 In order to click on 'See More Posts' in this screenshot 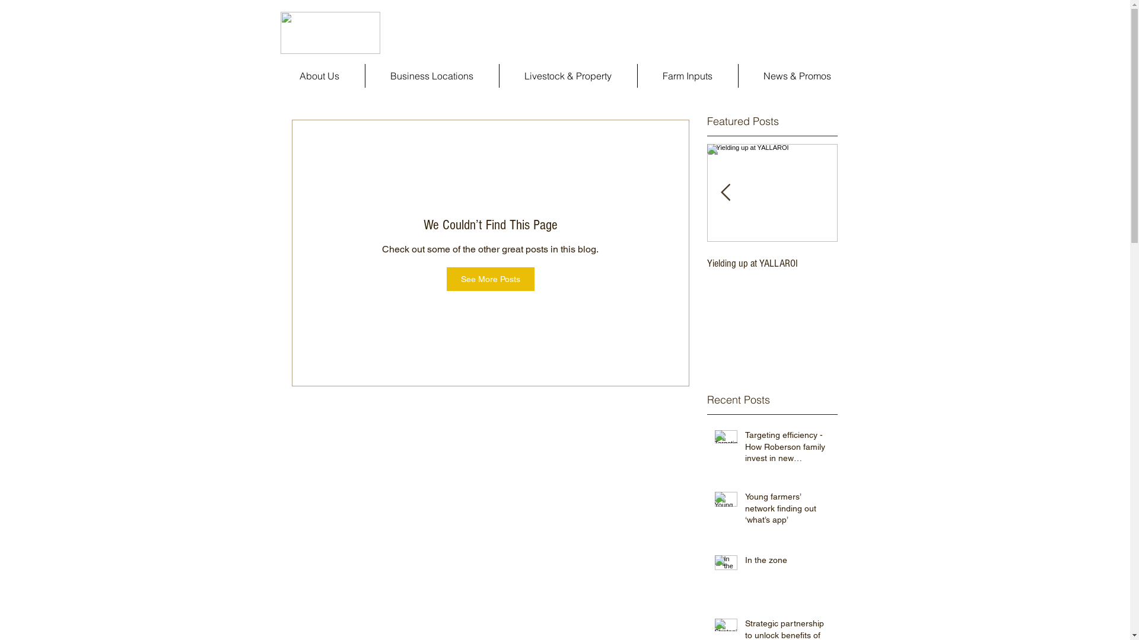, I will do `click(489, 279)`.